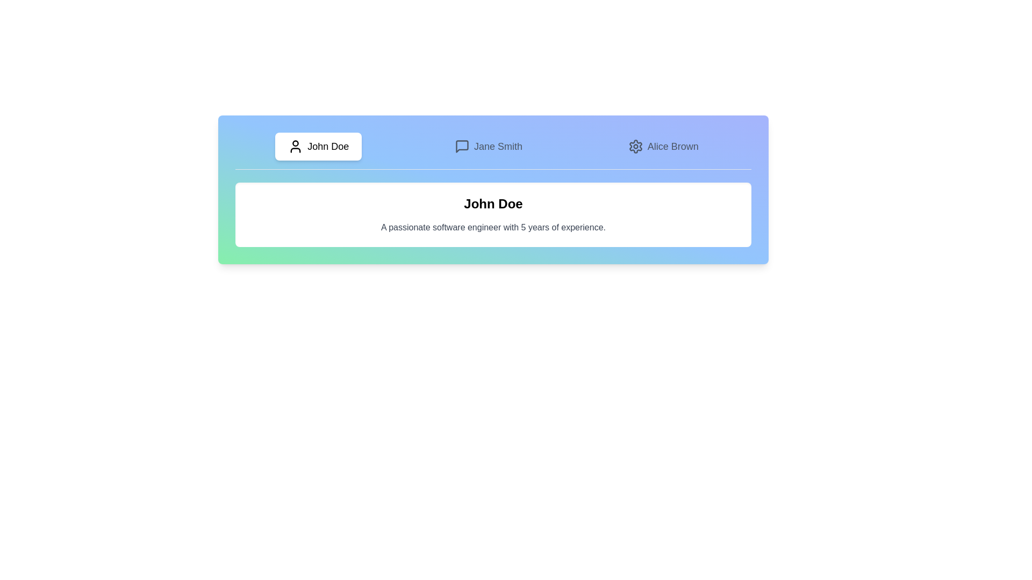 The height and width of the screenshot is (580, 1032). I want to click on the tab corresponding to the user profile John Doe, so click(318, 147).